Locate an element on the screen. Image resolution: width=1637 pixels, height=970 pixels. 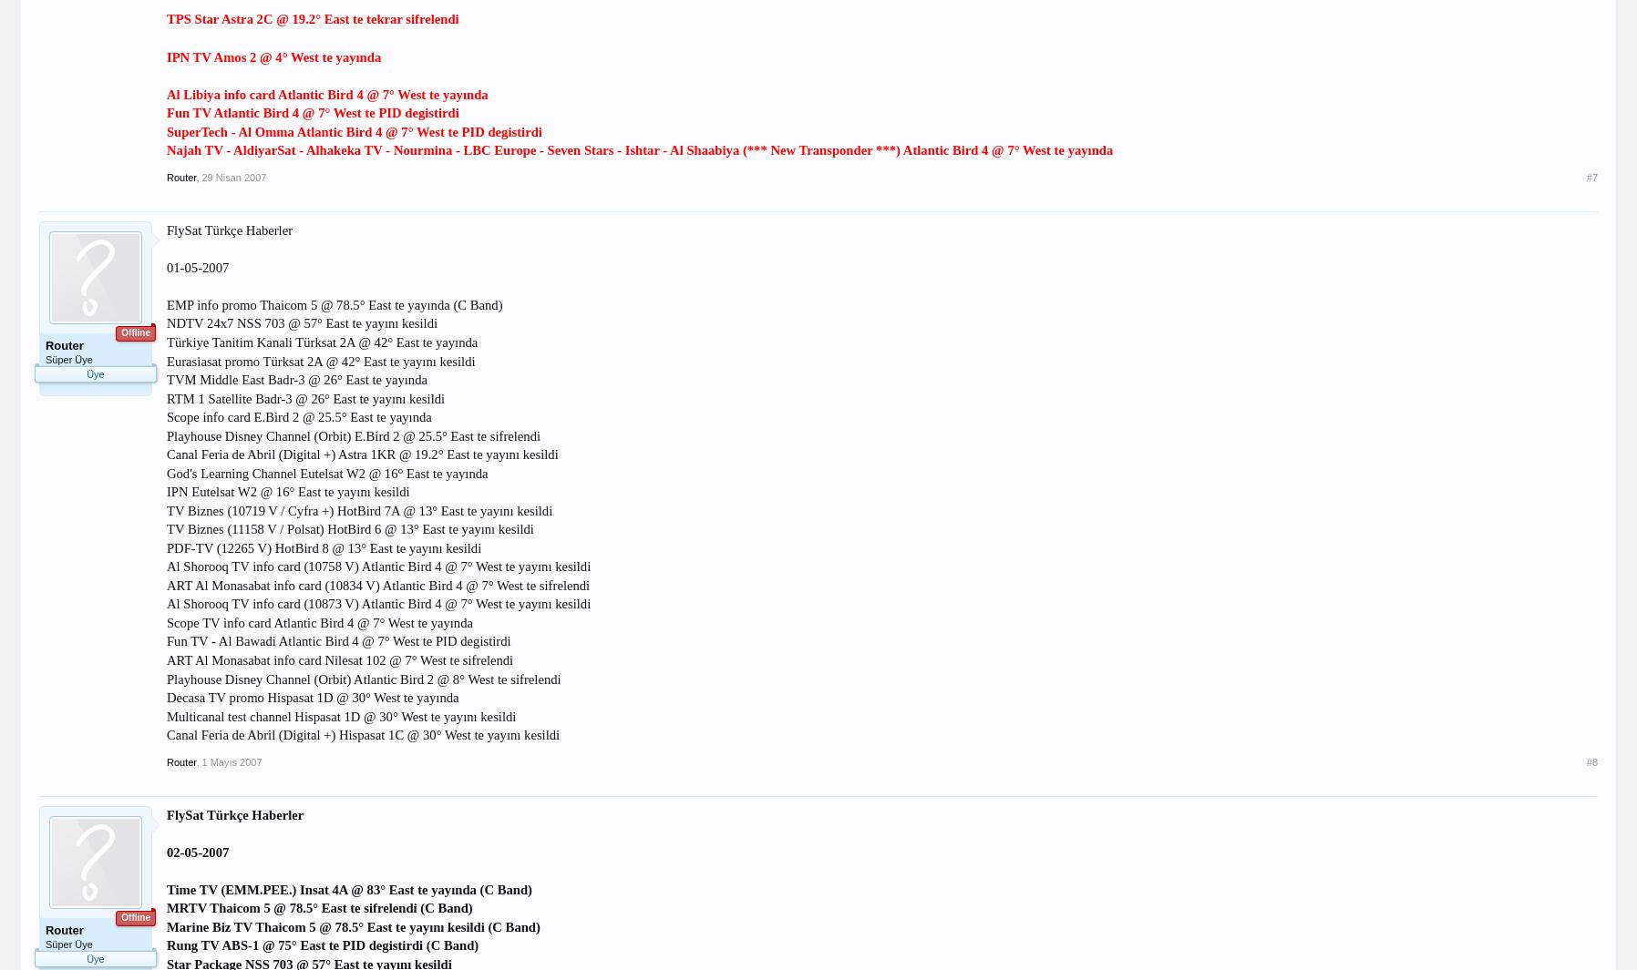
'#7' is located at coordinates (1585, 176).